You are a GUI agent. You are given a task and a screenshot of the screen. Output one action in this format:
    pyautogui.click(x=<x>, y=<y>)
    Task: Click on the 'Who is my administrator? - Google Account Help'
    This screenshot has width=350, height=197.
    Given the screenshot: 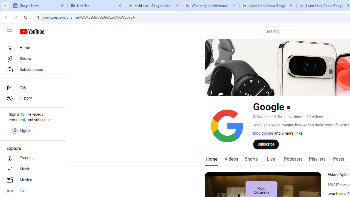 What is the action you would take?
    pyautogui.click(x=210, y=5)
    